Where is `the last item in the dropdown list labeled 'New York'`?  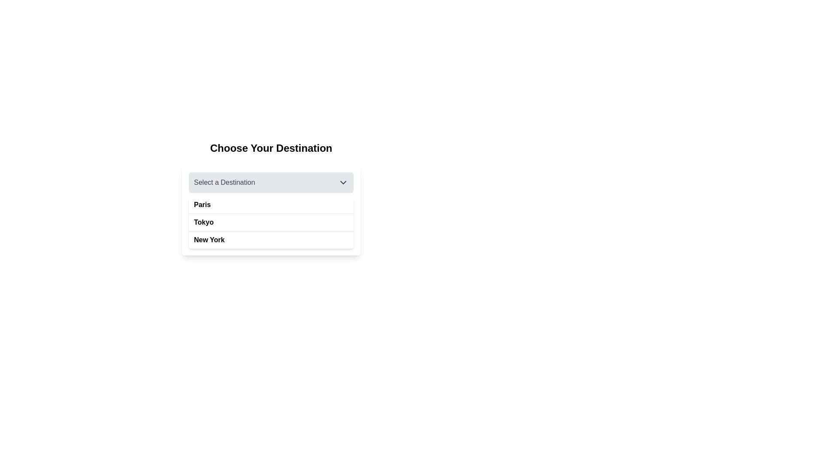 the last item in the dropdown list labeled 'New York' is located at coordinates (271, 240).